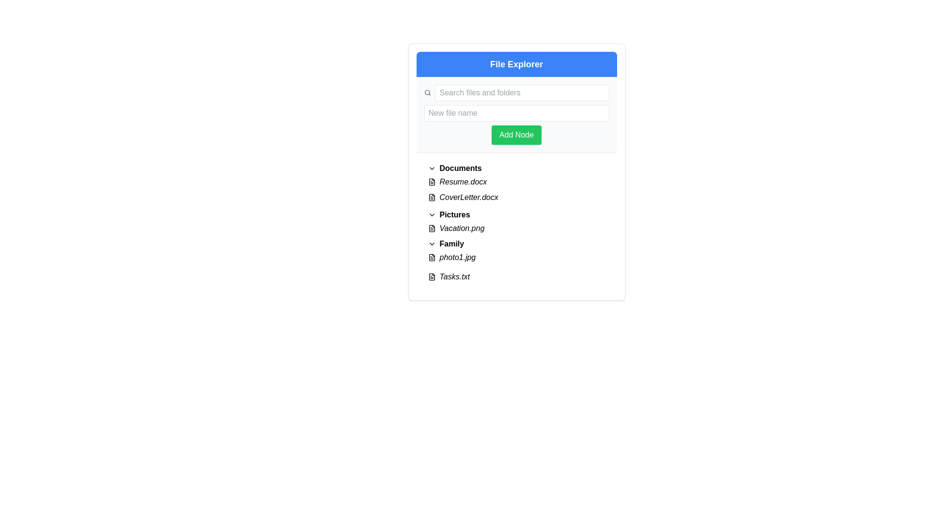 This screenshot has height=523, width=930. Describe the element at coordinates (516, 228) in the screenshot. I see `to select the file entry labeled 'Vacation.png' in the file explorer, which is the first entry under the 'Pictures' directory` at that location.